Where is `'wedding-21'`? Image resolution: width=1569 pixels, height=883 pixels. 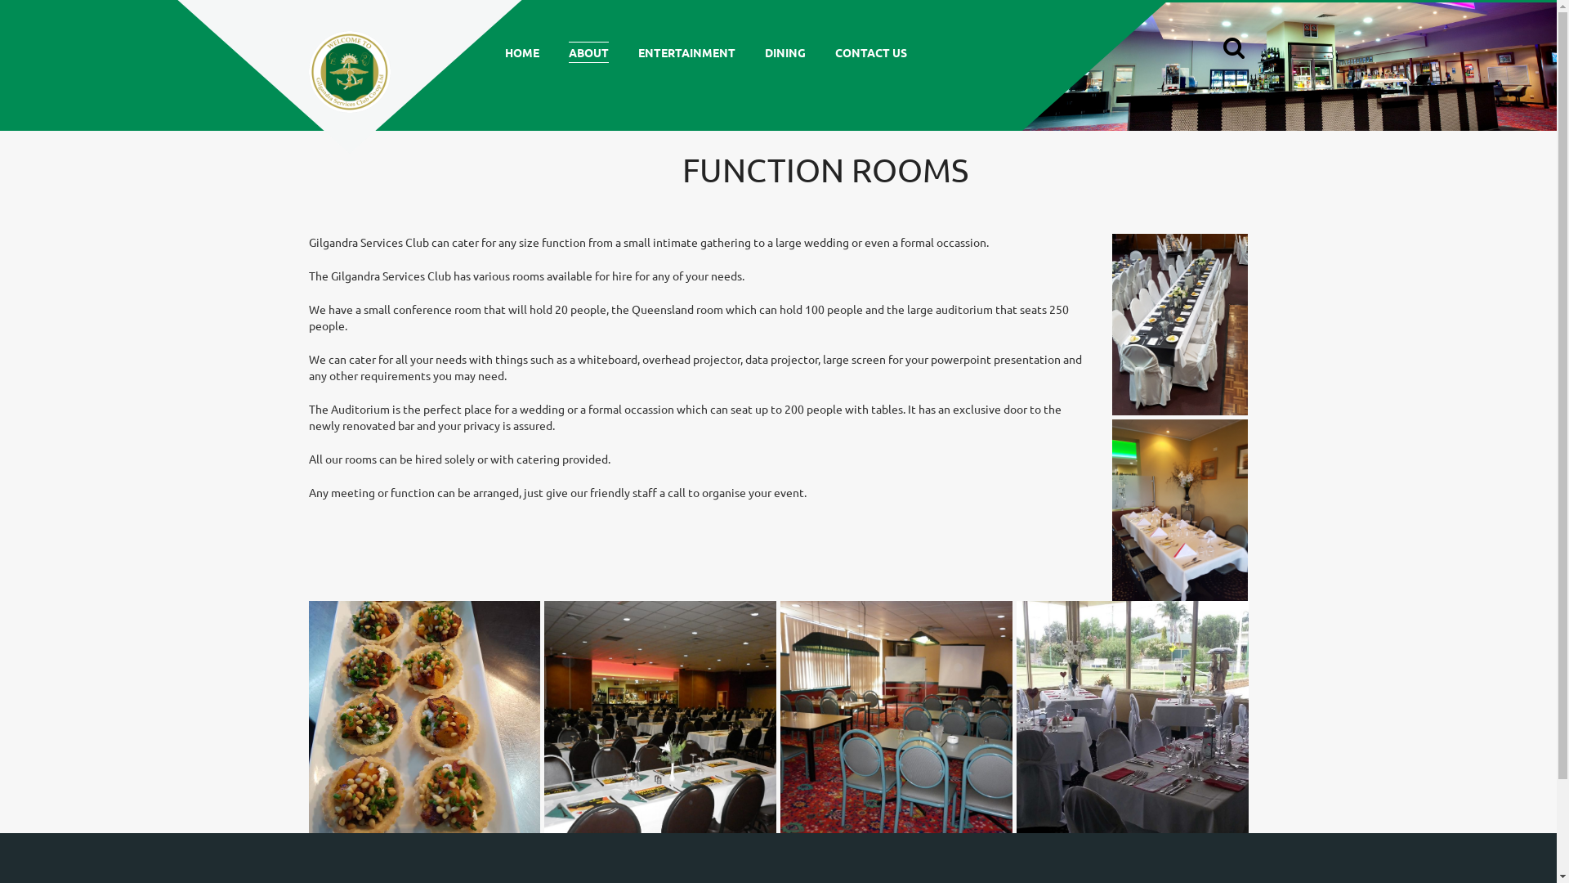 'wedding-21' is located at coordinates (544, 715).